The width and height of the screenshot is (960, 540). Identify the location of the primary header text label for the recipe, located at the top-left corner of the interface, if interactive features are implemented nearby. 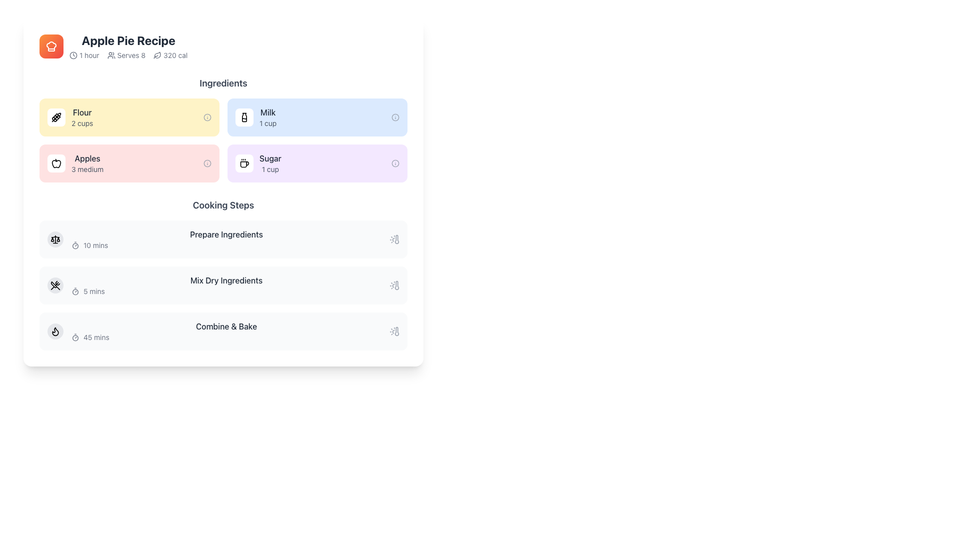
(128, 40).